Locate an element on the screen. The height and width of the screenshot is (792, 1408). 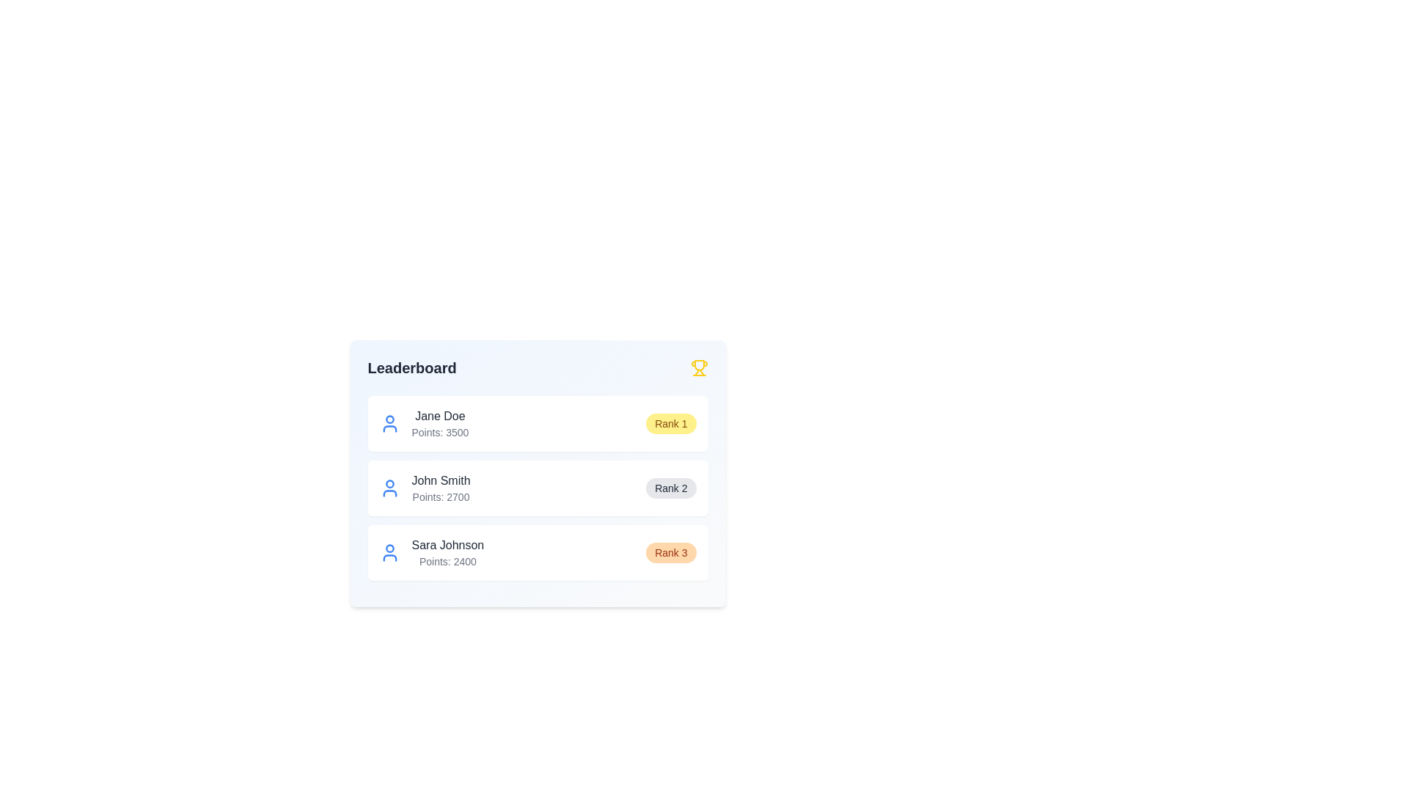
the yellow trophy icon located at the top-right corner of the leaderboard section is located at coordinates (698, 367).